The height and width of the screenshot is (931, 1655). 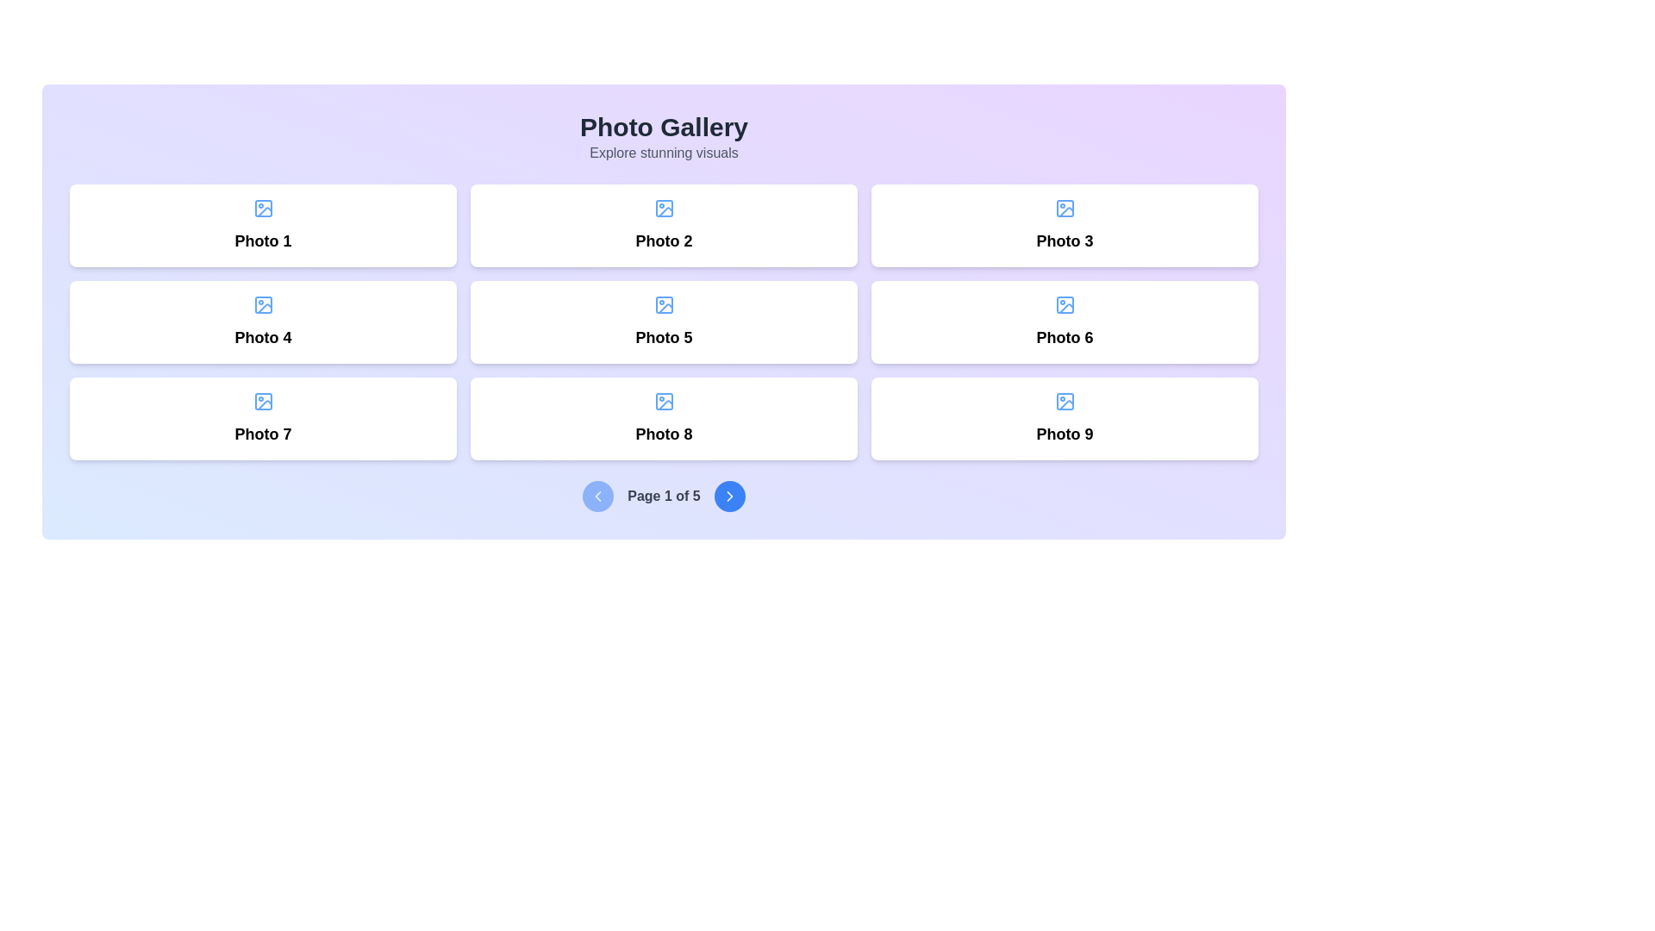 What do you see at coordinates (1064, 419) in the screenshot?
I see `the clickable card element representing 'Photo 9' in the bottom-right corner of the 3x3 grid layout` at bounding box center [1064, 419].